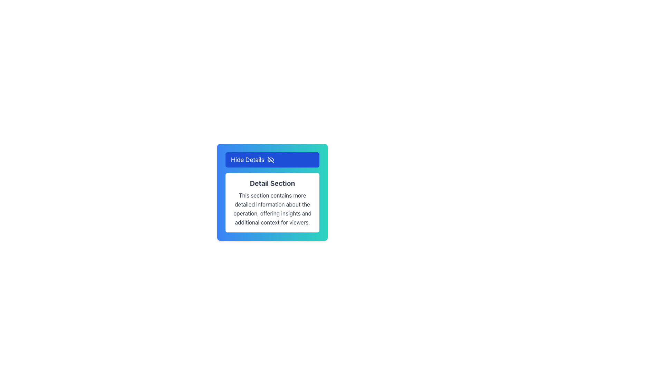 This screenshot has height=373, width=663. I want to click on bold text label 'Detail Section' located at the top of a card-like section, which is prominently displayed above descriptive text, so click(272, 183).